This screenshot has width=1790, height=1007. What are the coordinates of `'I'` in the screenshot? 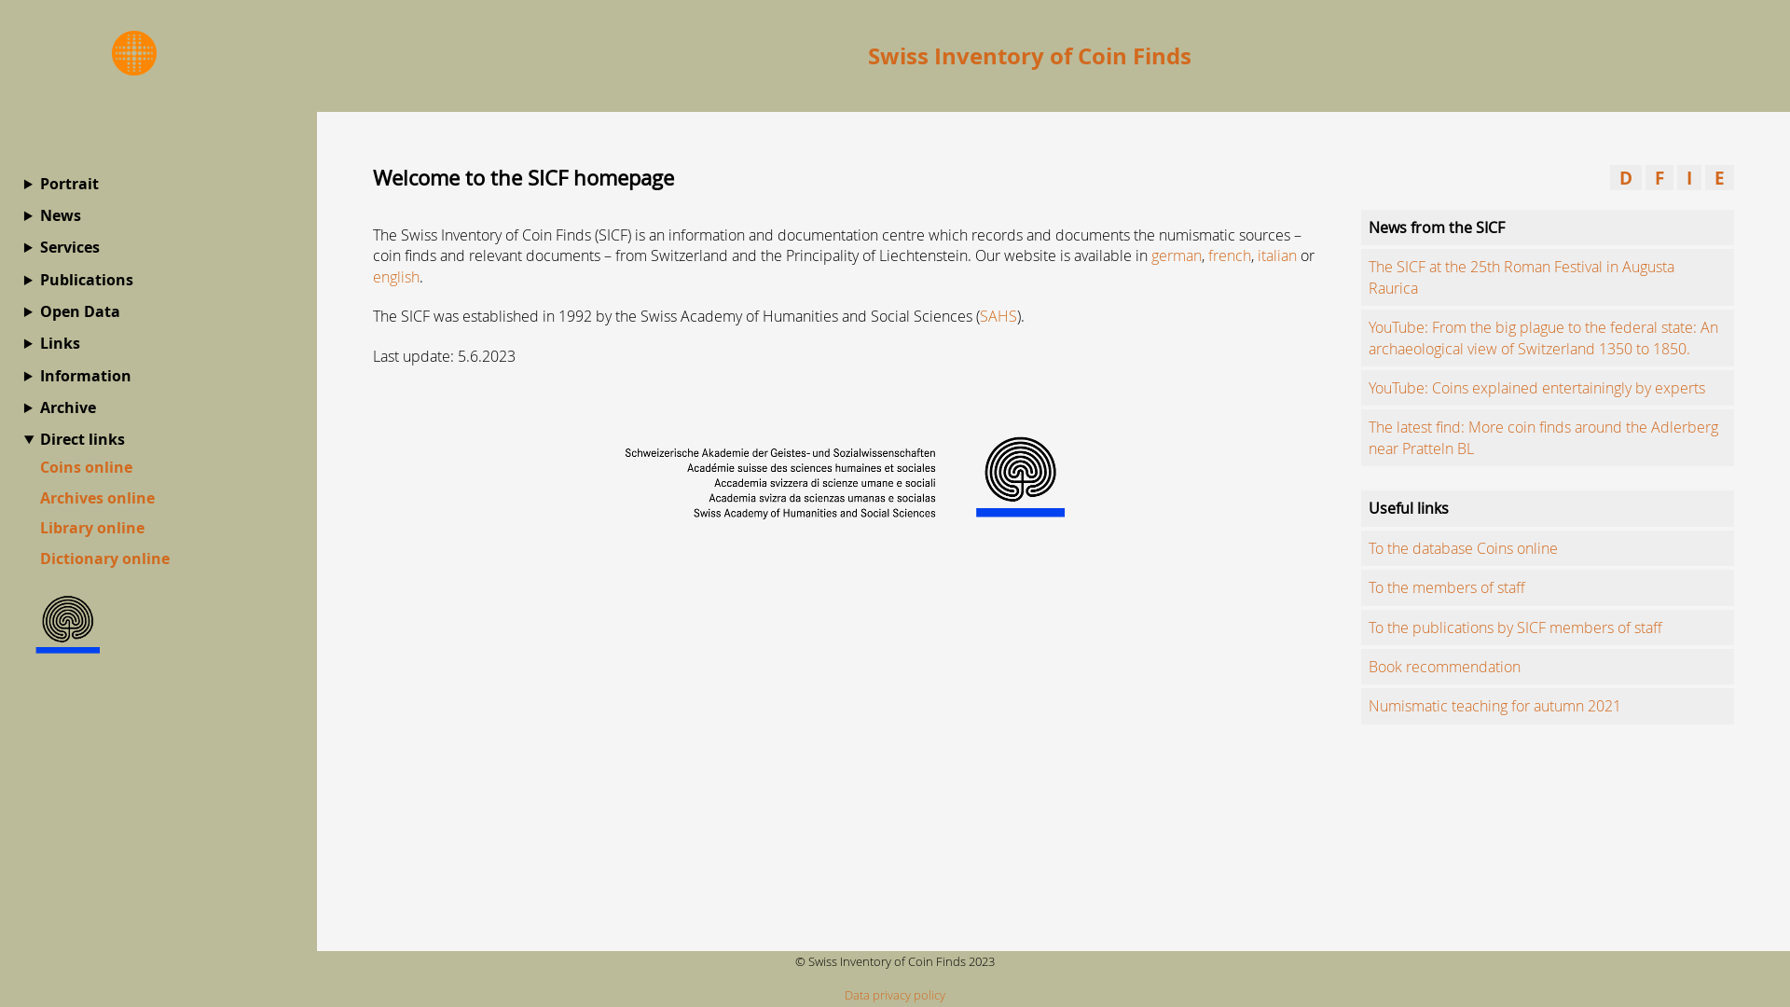 It's located at (1689, 177).